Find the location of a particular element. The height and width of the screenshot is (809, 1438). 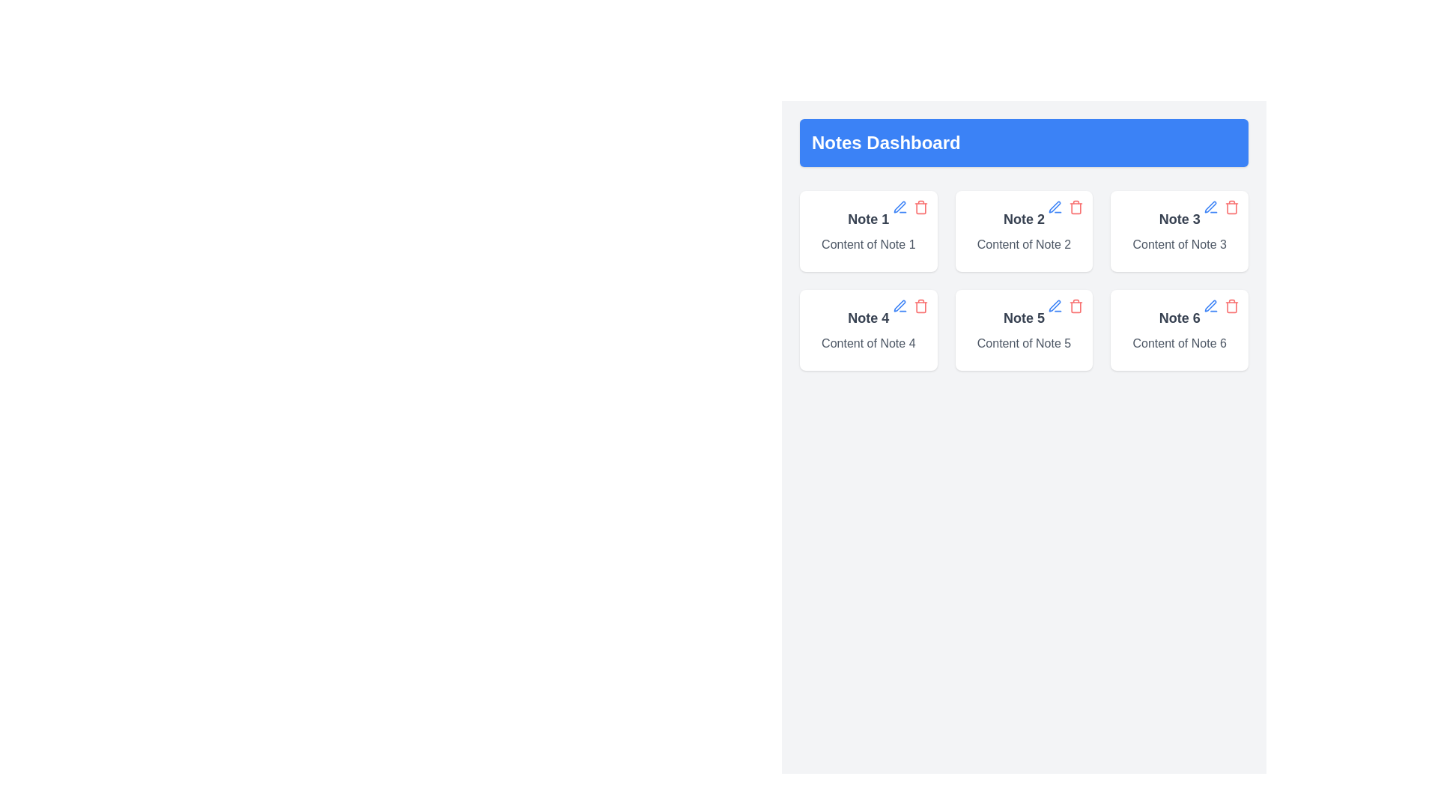

the static text label 'Notes Dashboard' which is styled in bold white text on a blue background bar at the top of the interface is located at coordinates (886, 143).